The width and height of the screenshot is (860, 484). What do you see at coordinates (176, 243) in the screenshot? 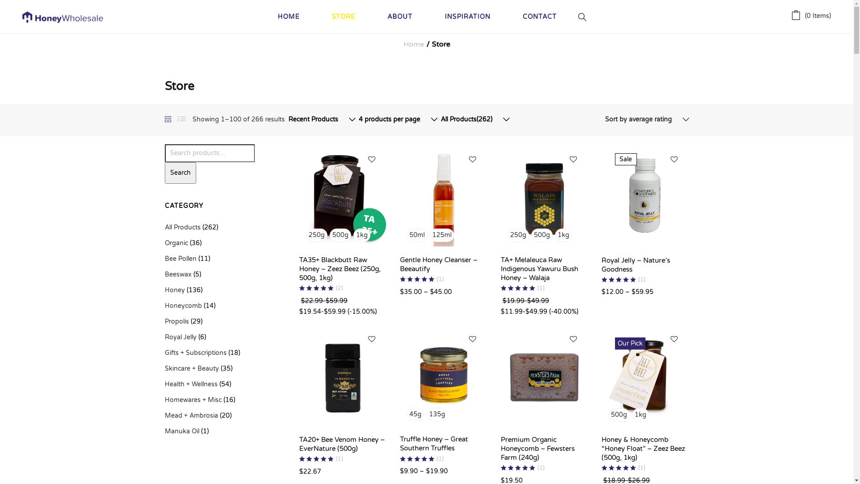
I see `'Organic'` at bounding box center [176, 243].